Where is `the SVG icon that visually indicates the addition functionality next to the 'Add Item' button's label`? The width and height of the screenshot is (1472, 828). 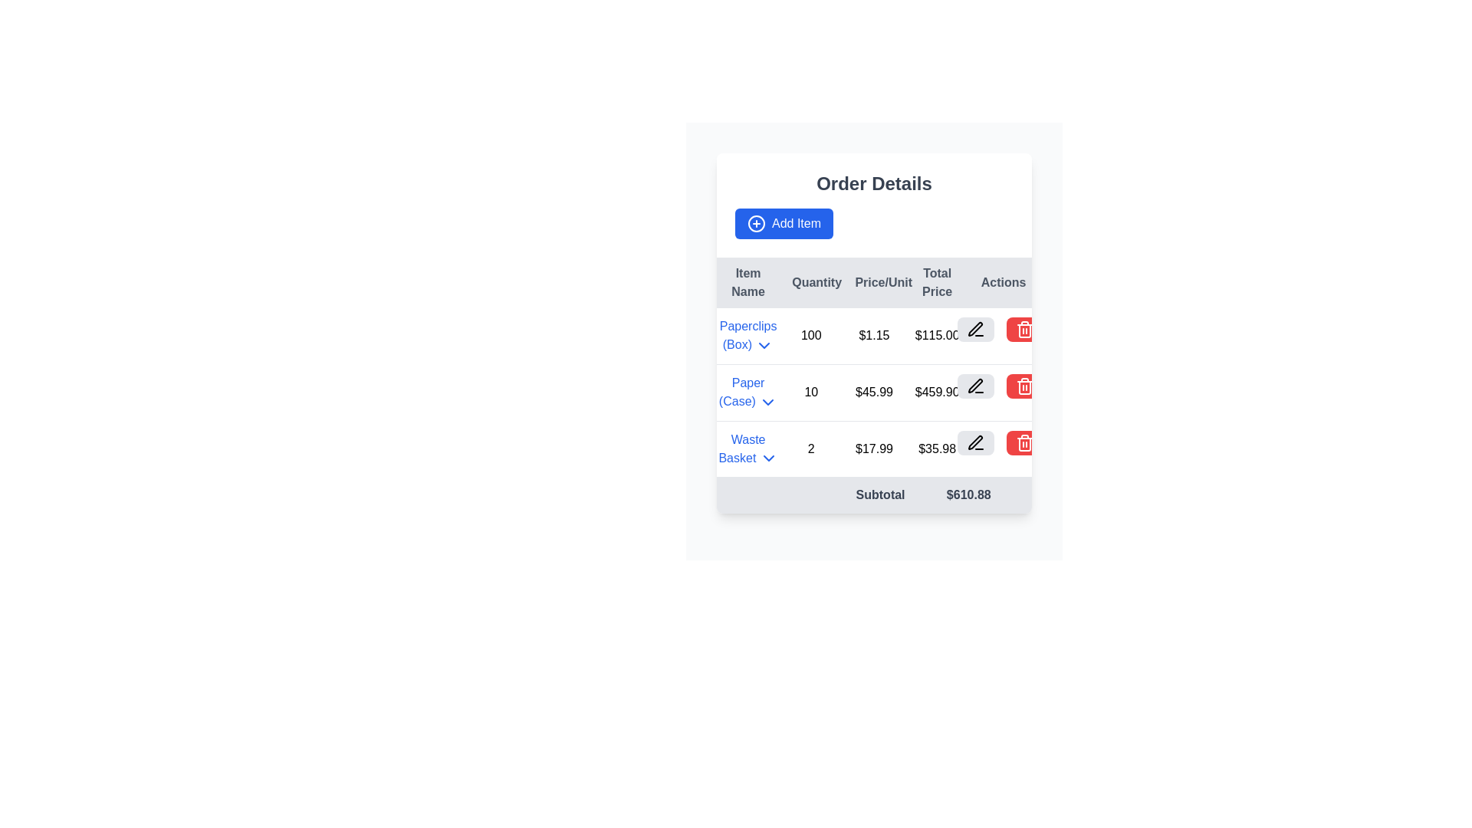 the SVG icon that visually indicates the addition functionality next to the 'Add Item' button's label is located at coordinates (757, 224).